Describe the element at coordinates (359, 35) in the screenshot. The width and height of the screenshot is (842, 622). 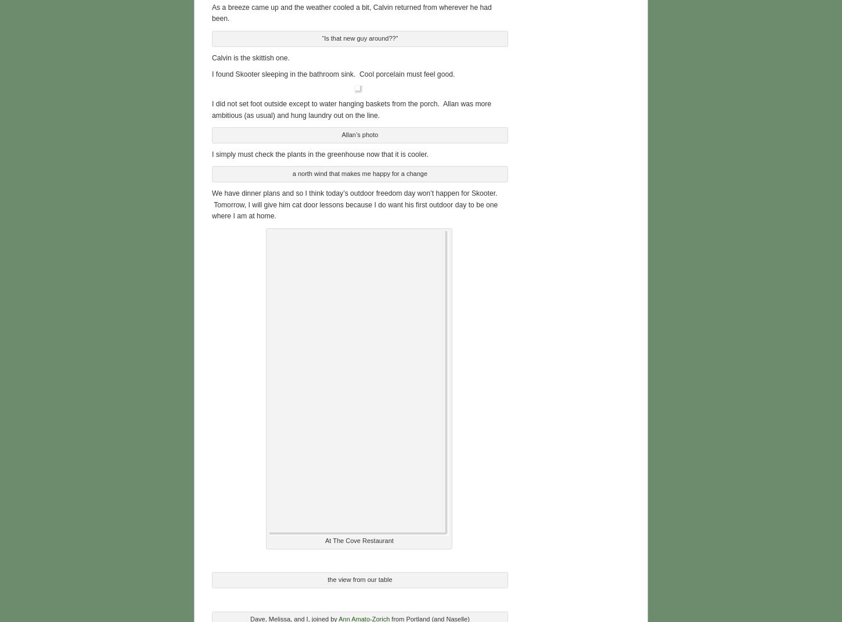
I see `'“Is that new guy around??”'` at that location.